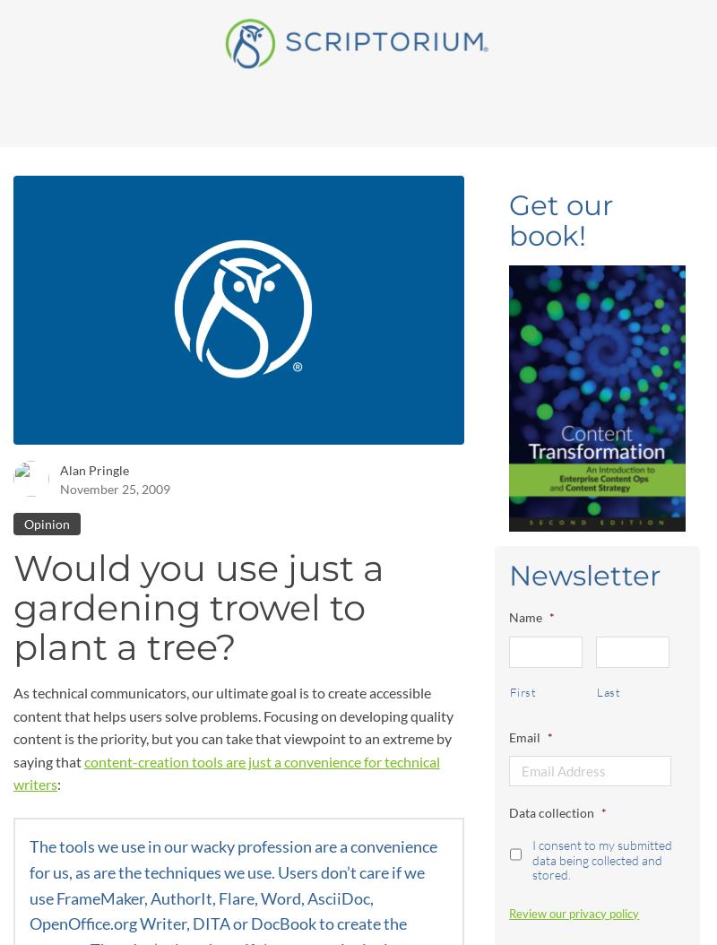  Describe the element at coordinates (209, 37) in the screenshot. I see `'November 25th, 2009 - 11:48am'` at that location.